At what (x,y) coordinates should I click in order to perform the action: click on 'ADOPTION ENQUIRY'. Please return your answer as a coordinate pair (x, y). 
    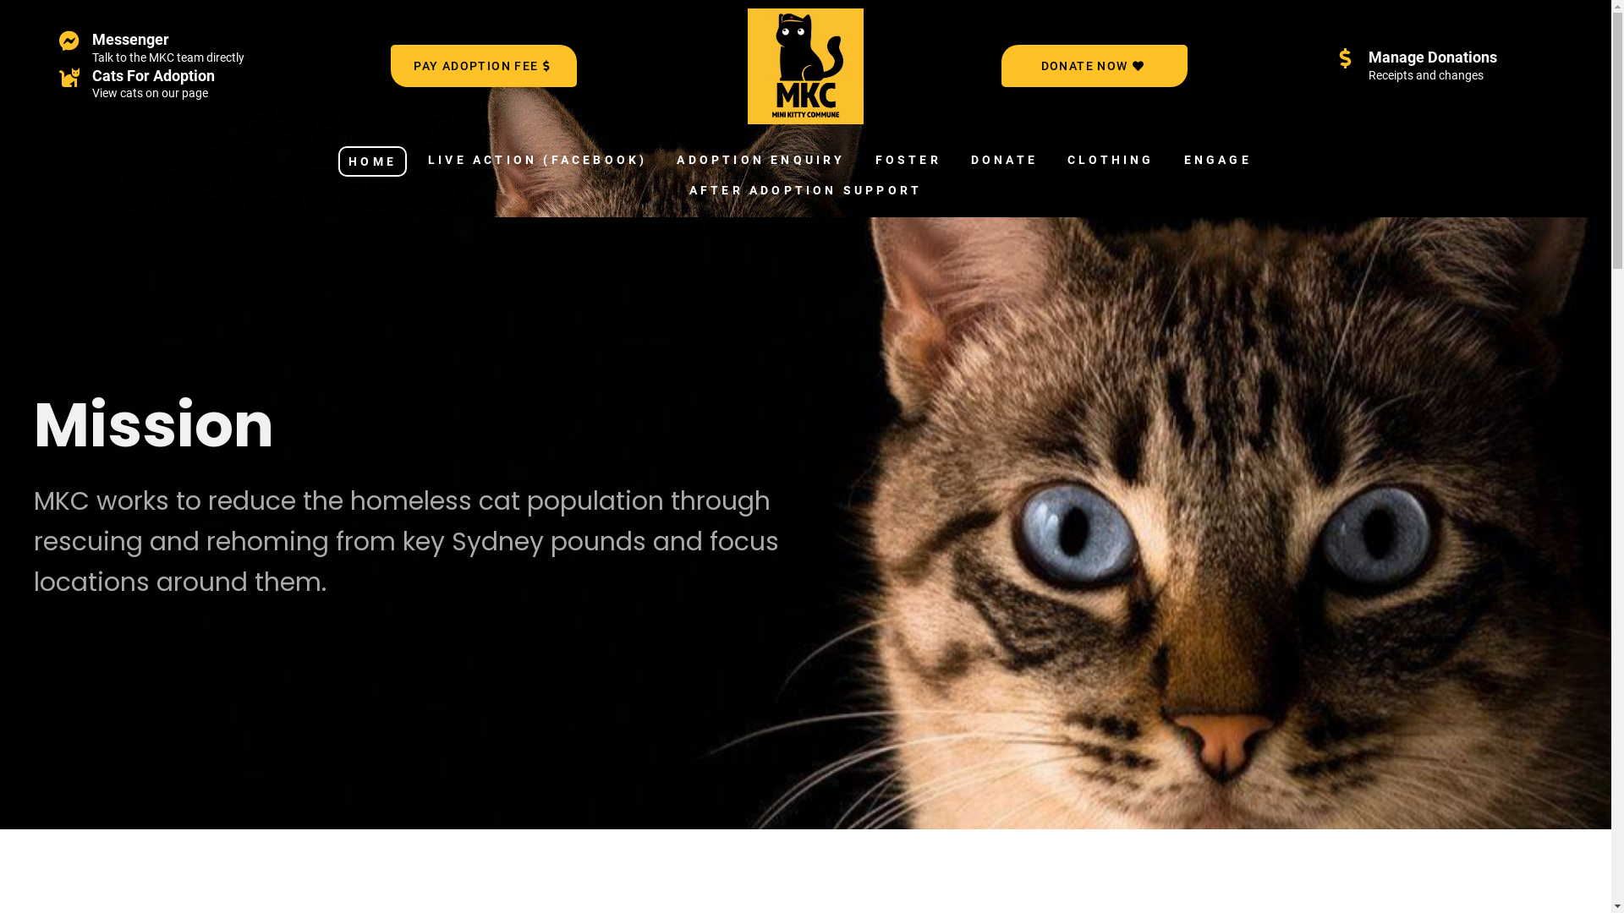
    Looking at the image, I should click on (760, 160).